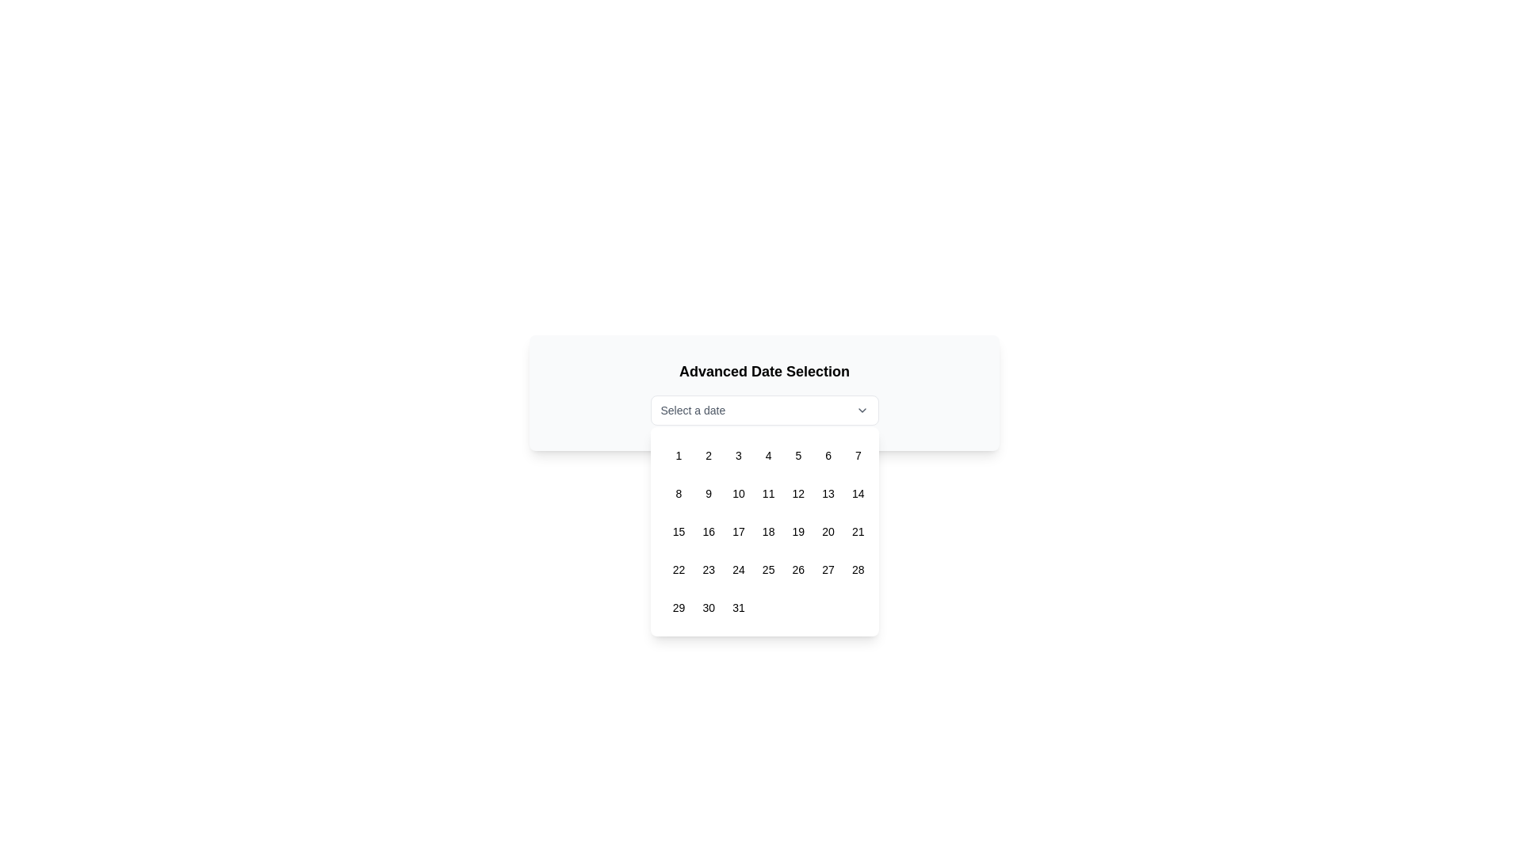 Image resolution: width=1522 pixels, height=856 pixels. What do you see at coordinates (828, 568) in the screenshot?
I see `the button displaying the number '27' in the calendar grid` at bounding box center [828, 568].